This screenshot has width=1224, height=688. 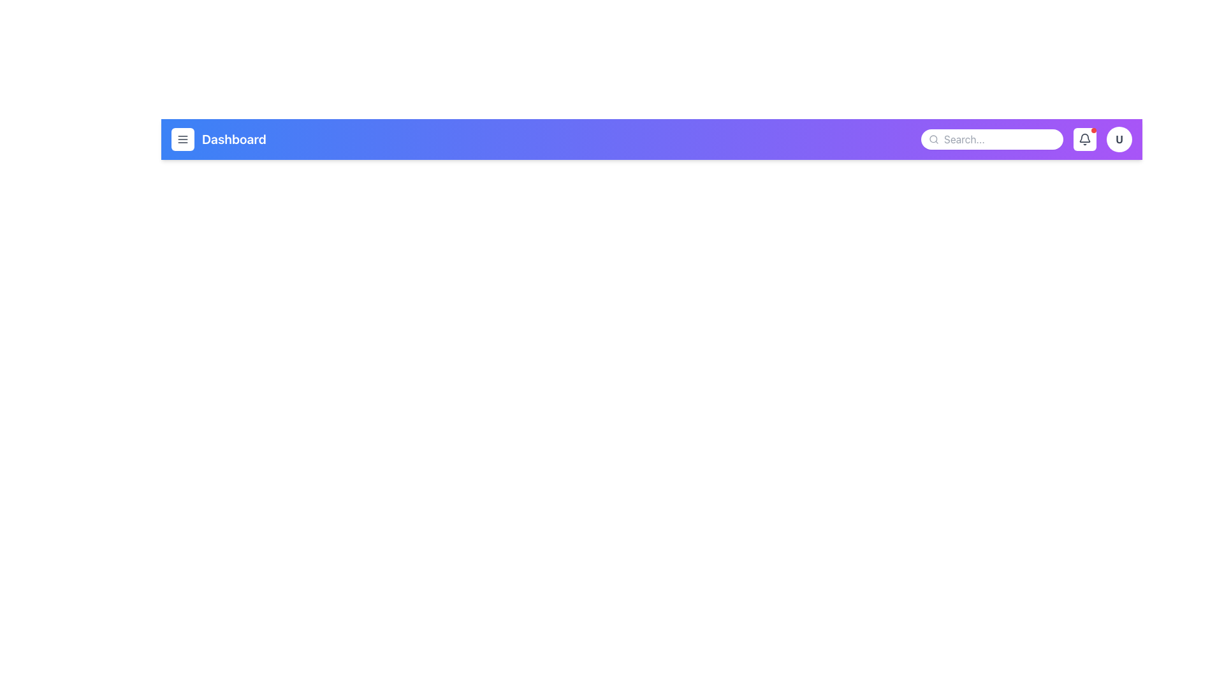 What do you see at coordinates (219, 140) in the screenshot?
I see `the 'Dashboard' button in the top-left corner of the gradient header bar` at bounding box center [219, 140].